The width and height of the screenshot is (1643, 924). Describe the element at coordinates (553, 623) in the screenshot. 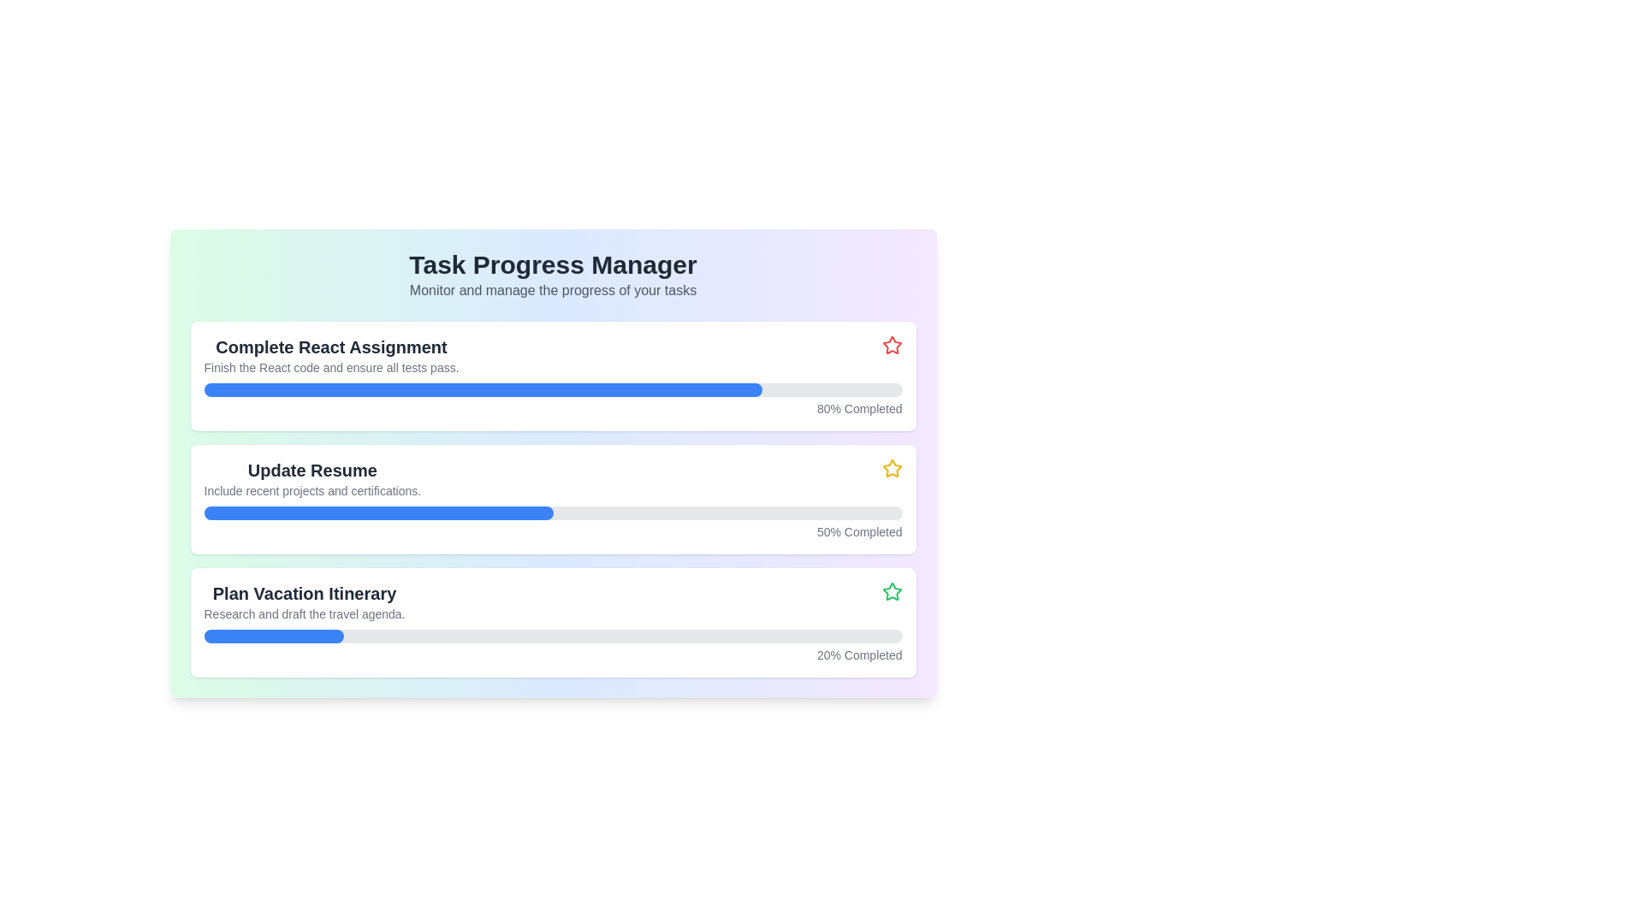

I see `the progress status on the progress bar of the Task overview component titled 'Plan Vacation Itinerary', which includes a description and a star icon` at that location.